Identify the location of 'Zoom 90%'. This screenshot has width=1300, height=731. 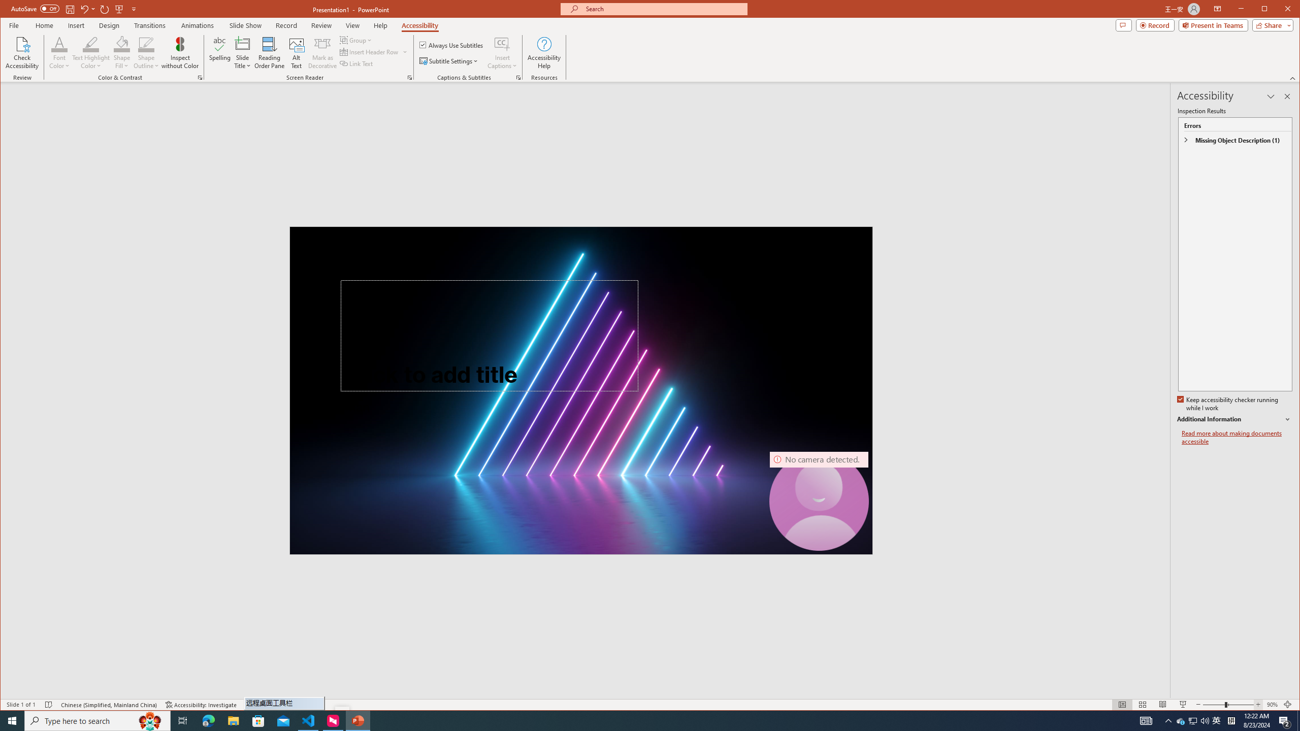
(1271, 704).